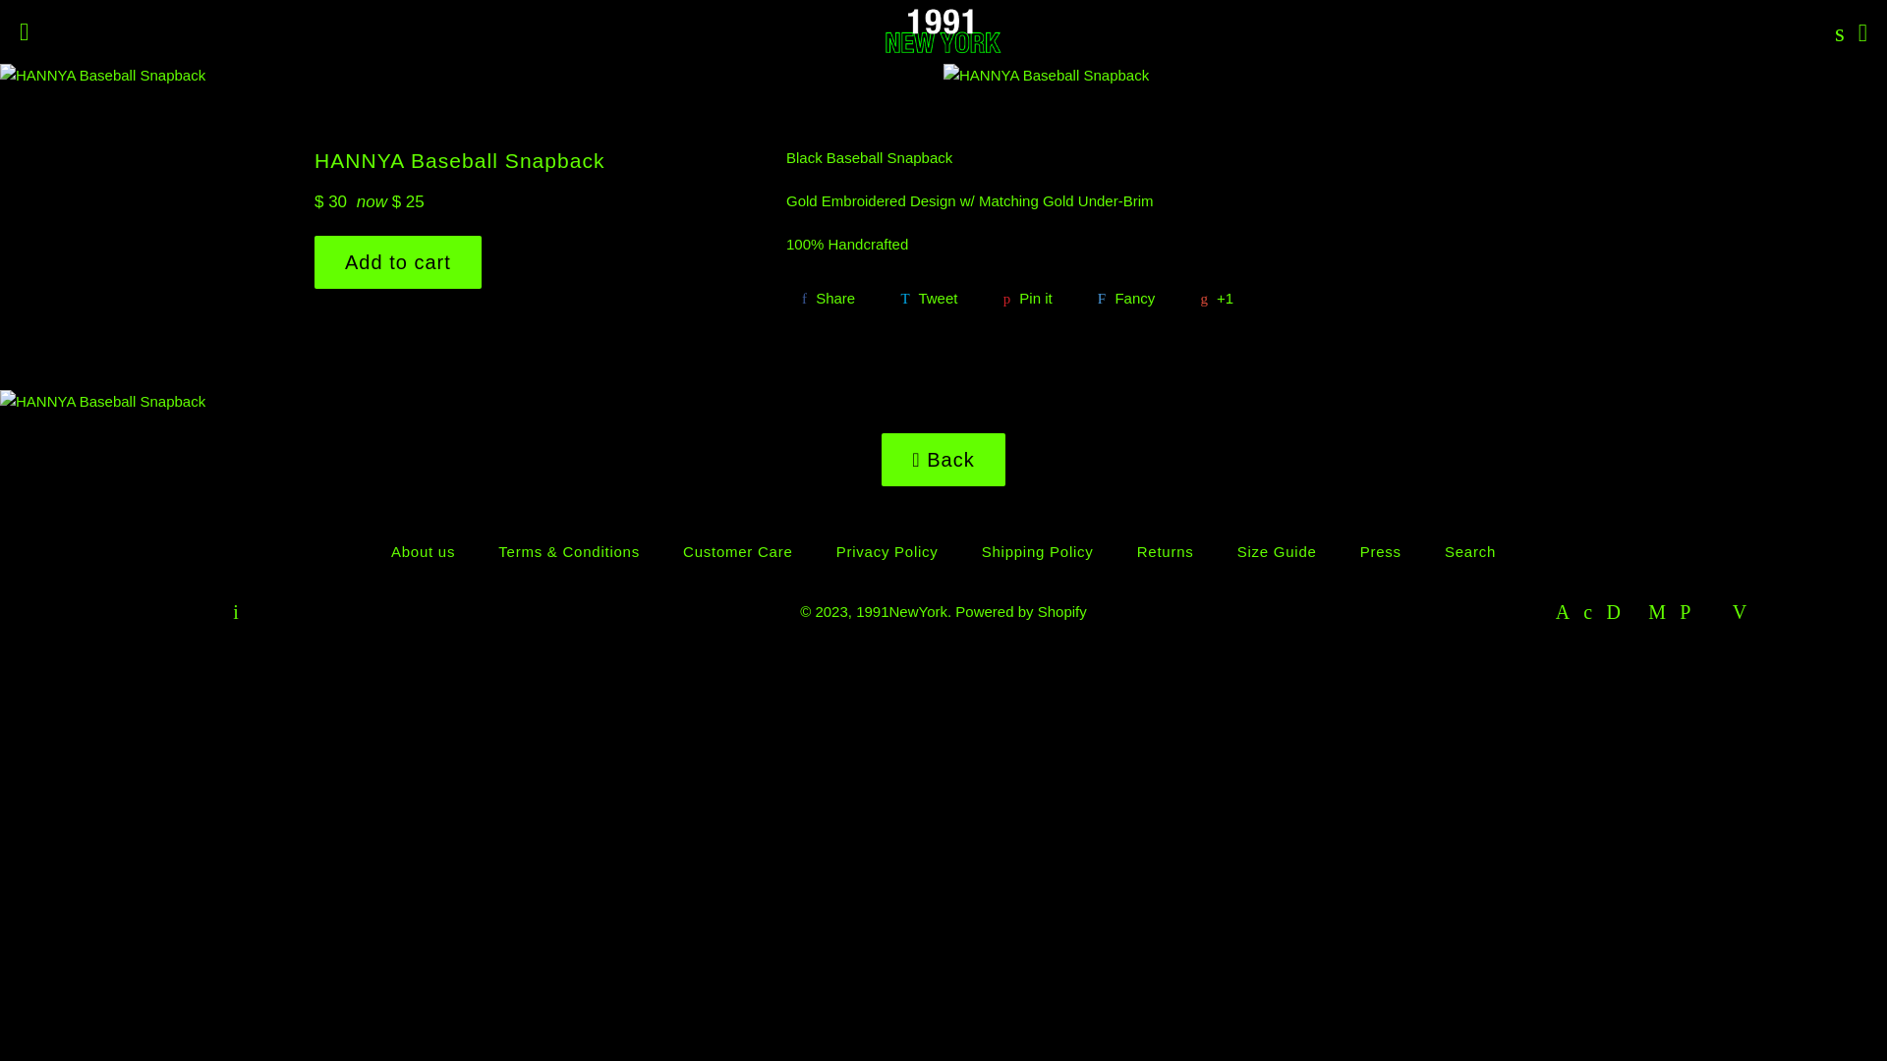  What do you see at coordinates (1277, 551) in the screenshot?
I see `'Size Guide'` at bounding box center [1277, 551].